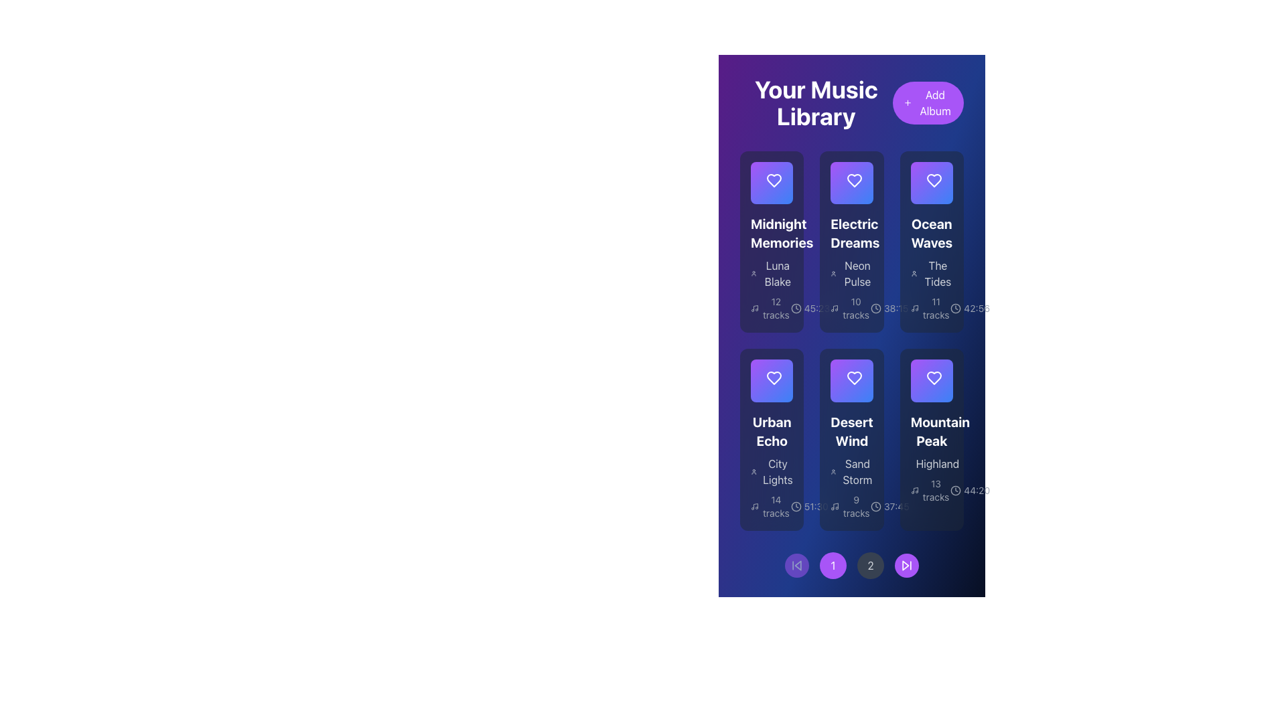 The image size is (1286, 723). I want to click on text displayed in the Text label showing '37:45', which is styled in white against a dark background in the bottom-right corner of the 'Desert Wind' card, so click(896, 506).